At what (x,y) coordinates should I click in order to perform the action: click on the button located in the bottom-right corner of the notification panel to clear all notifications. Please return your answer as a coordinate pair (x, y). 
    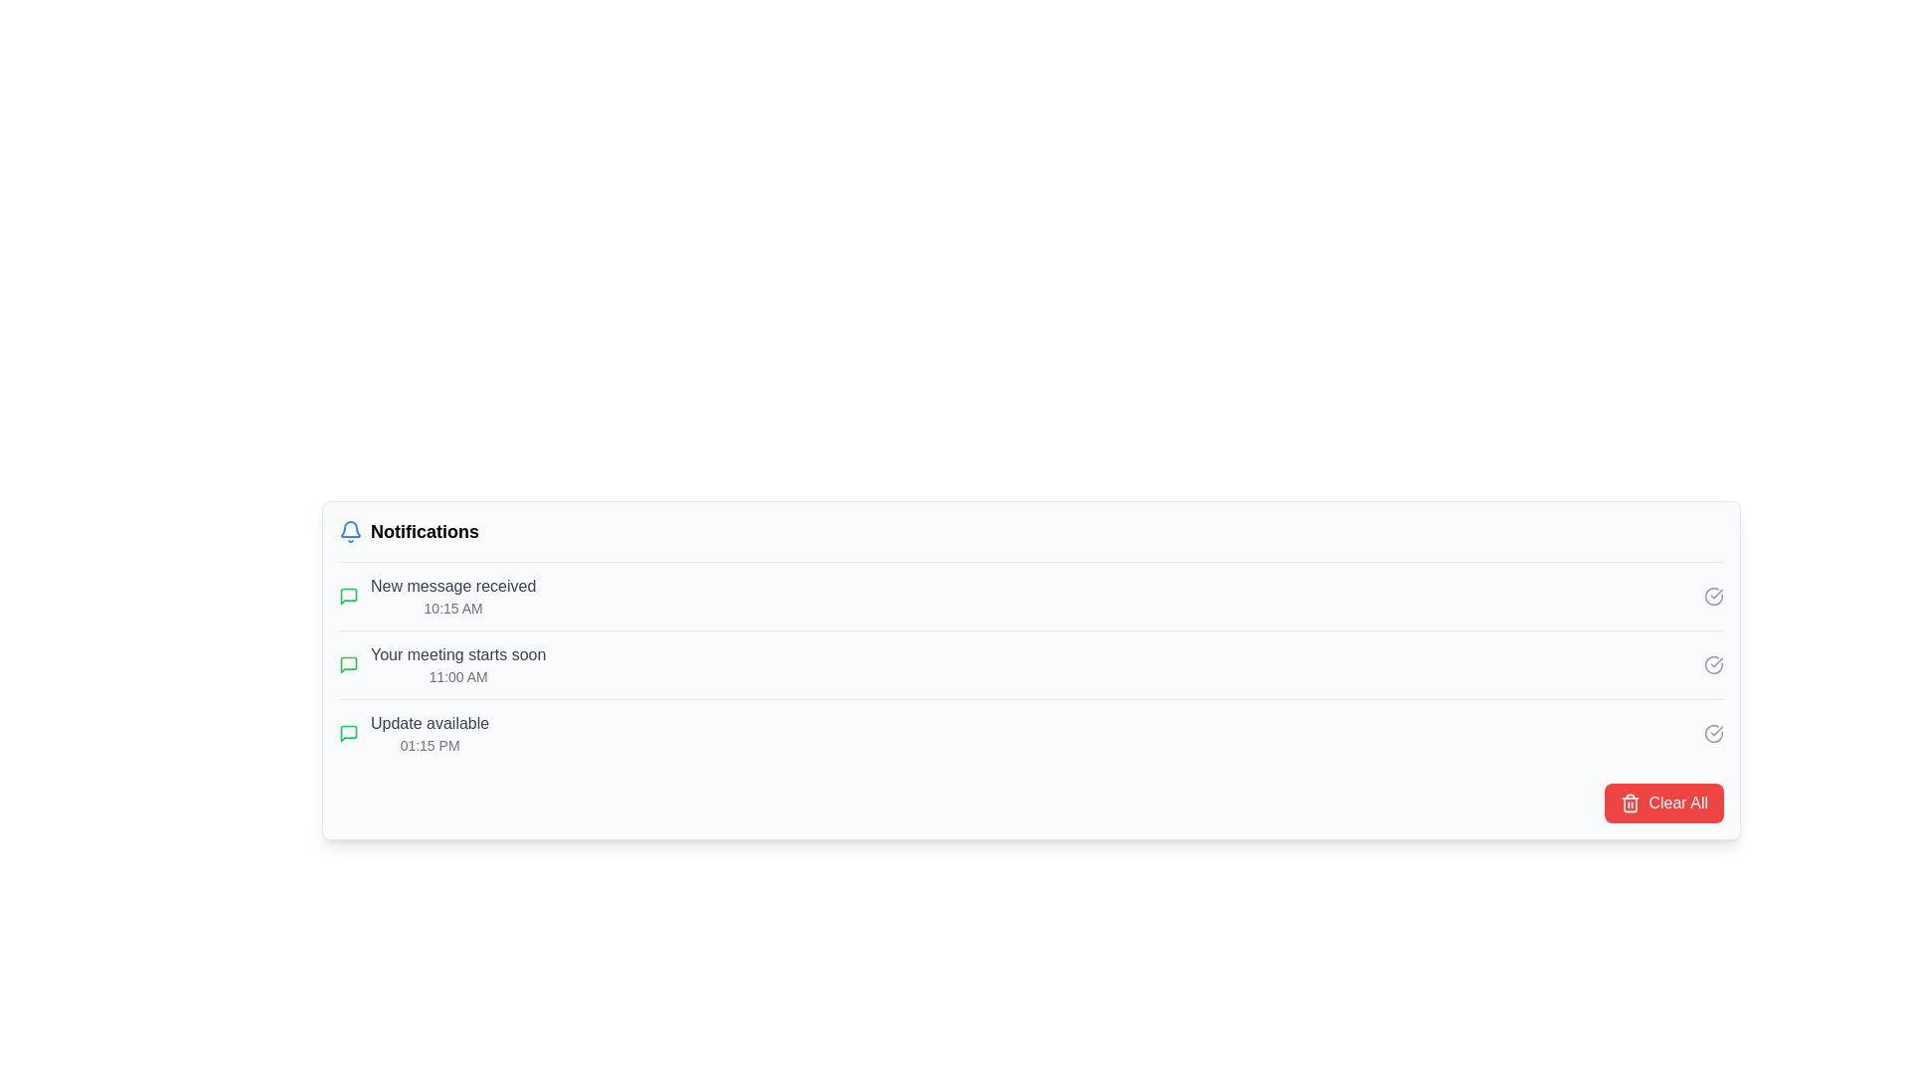
    Looking at the image, I should click on (1677, 802).